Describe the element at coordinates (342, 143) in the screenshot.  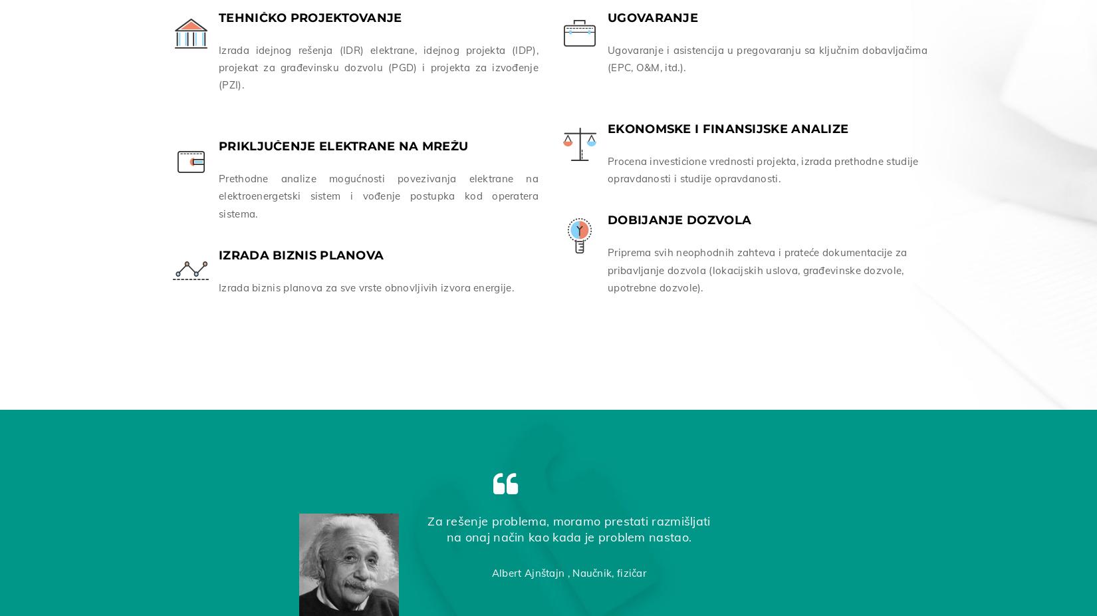
I see `'PRIKLJUČENJE ELEKTRANE NA MREŽU'` at that location.